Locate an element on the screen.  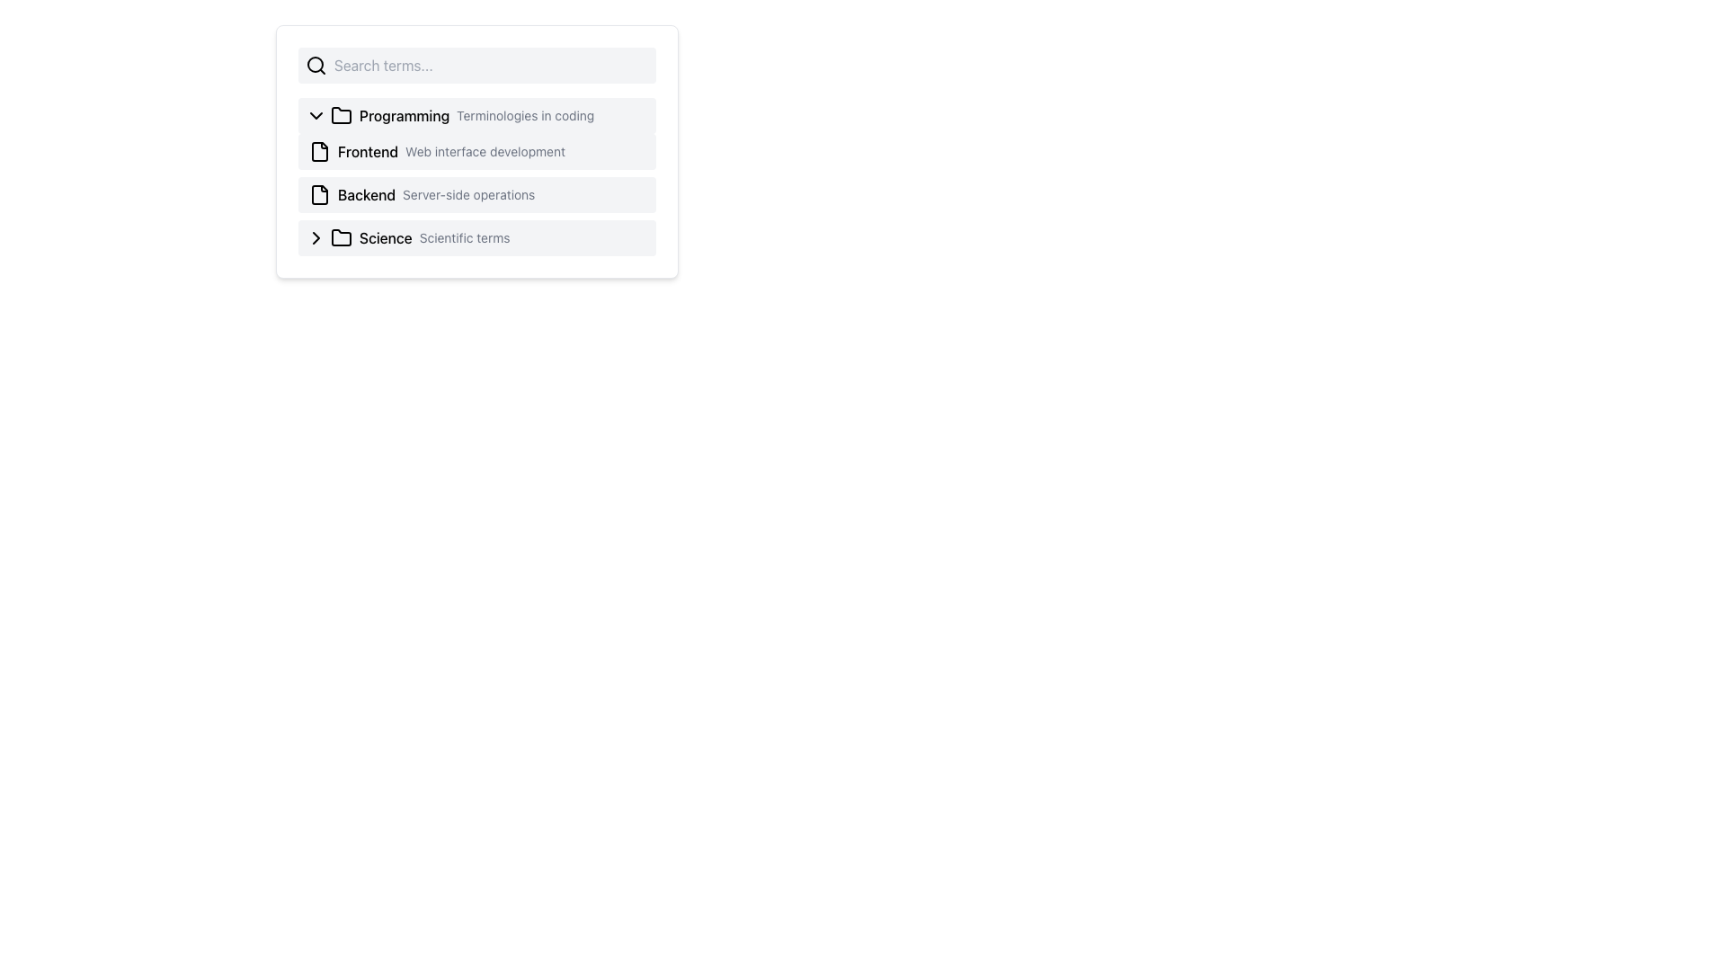
the 'Backend' text label, which is the third list item in the menu panel, located between an icon and the text 'Server-side operations' is located at coordinates (366, 194).